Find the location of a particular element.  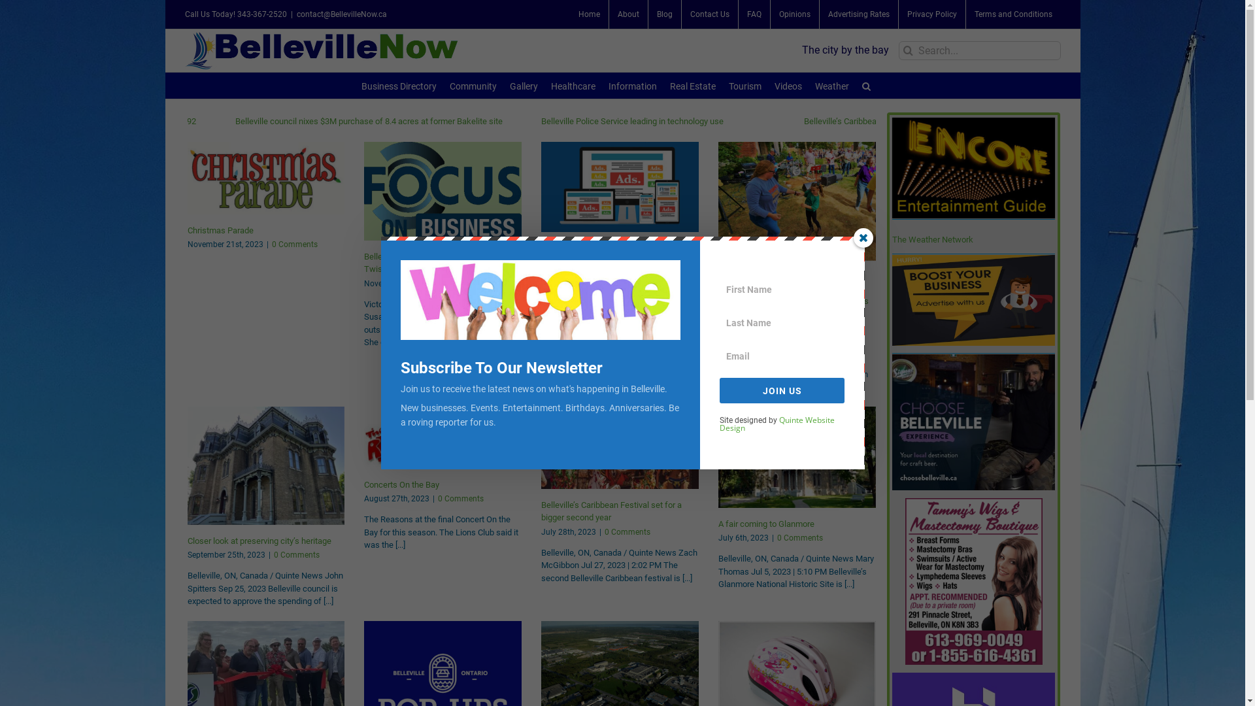

'About' is located at coordinates (628, 14).